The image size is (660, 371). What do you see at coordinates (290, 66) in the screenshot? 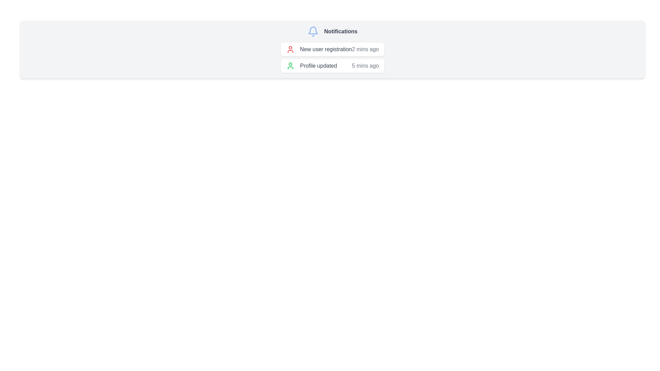
I see `the user icon with a green outline located on the left side of the notification box labeled 'Profile updated 5 mins ago'` at bounding box center [290, 66].